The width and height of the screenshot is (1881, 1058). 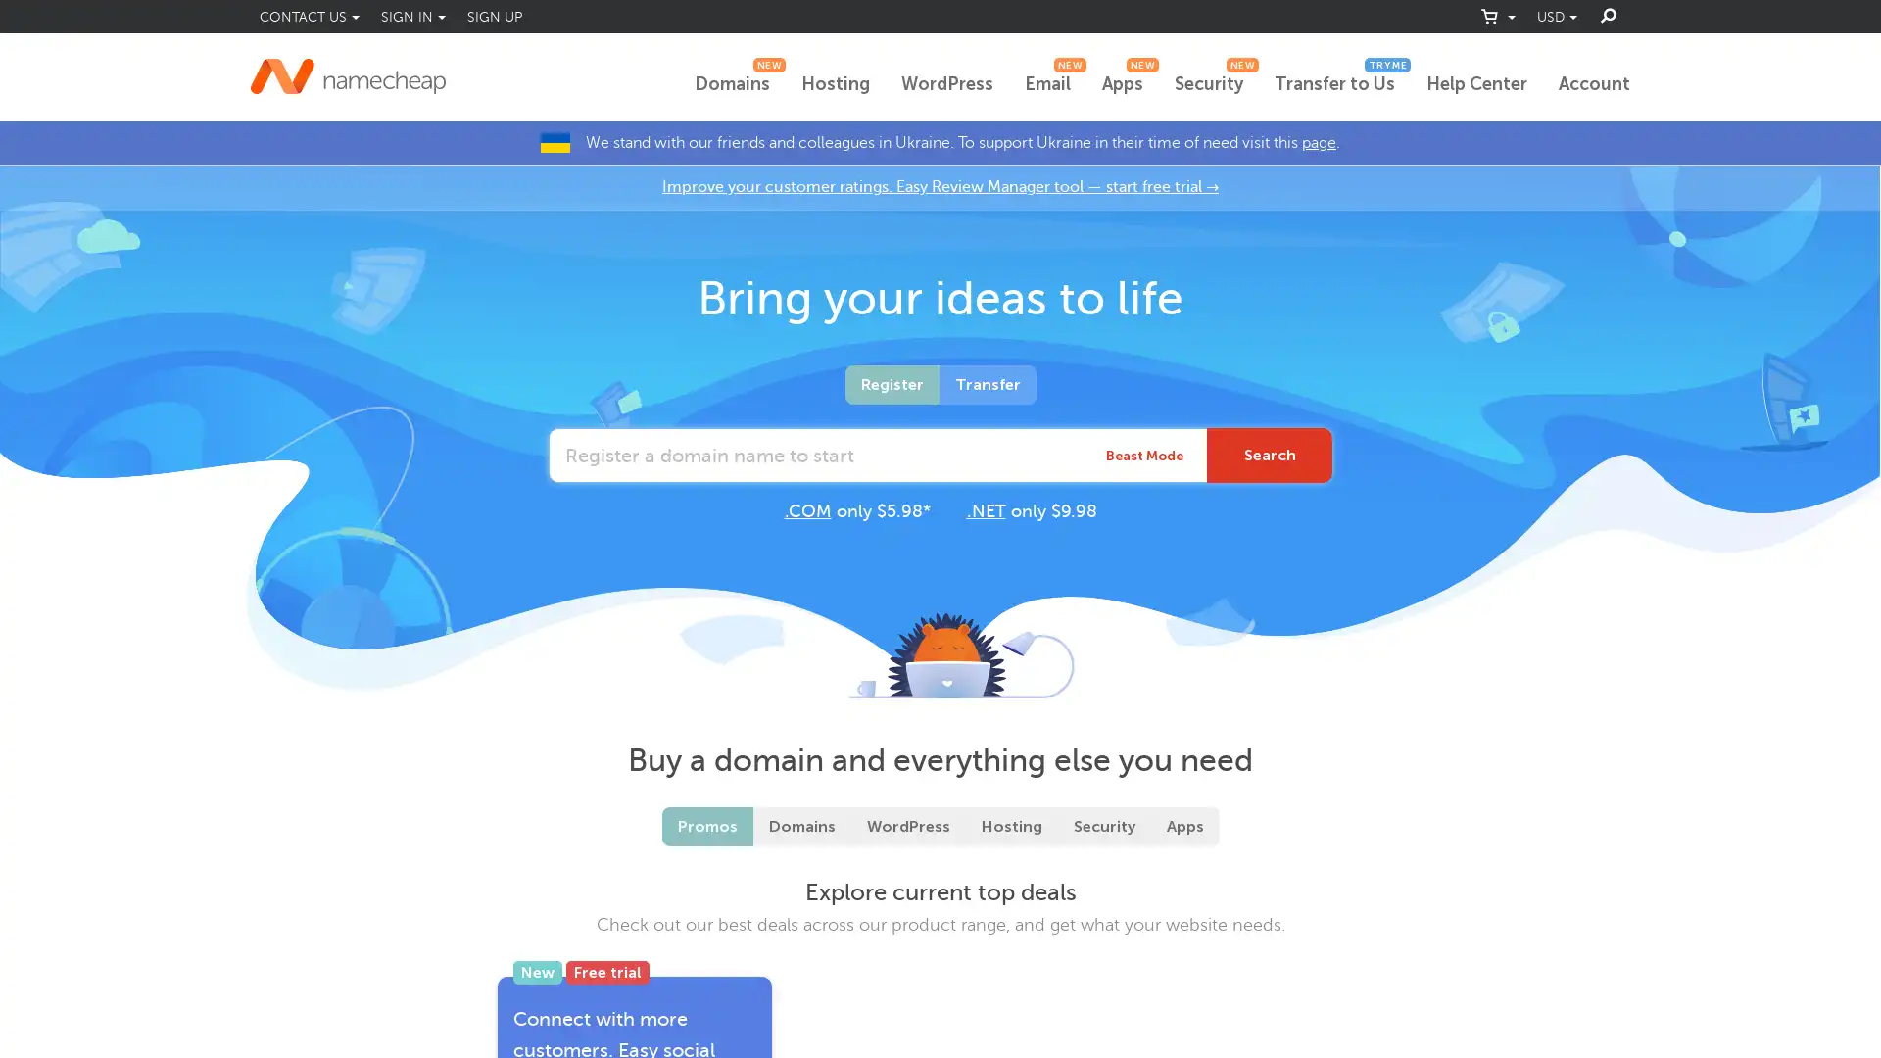 I want to click on Search, so click(x=1270, y=456).